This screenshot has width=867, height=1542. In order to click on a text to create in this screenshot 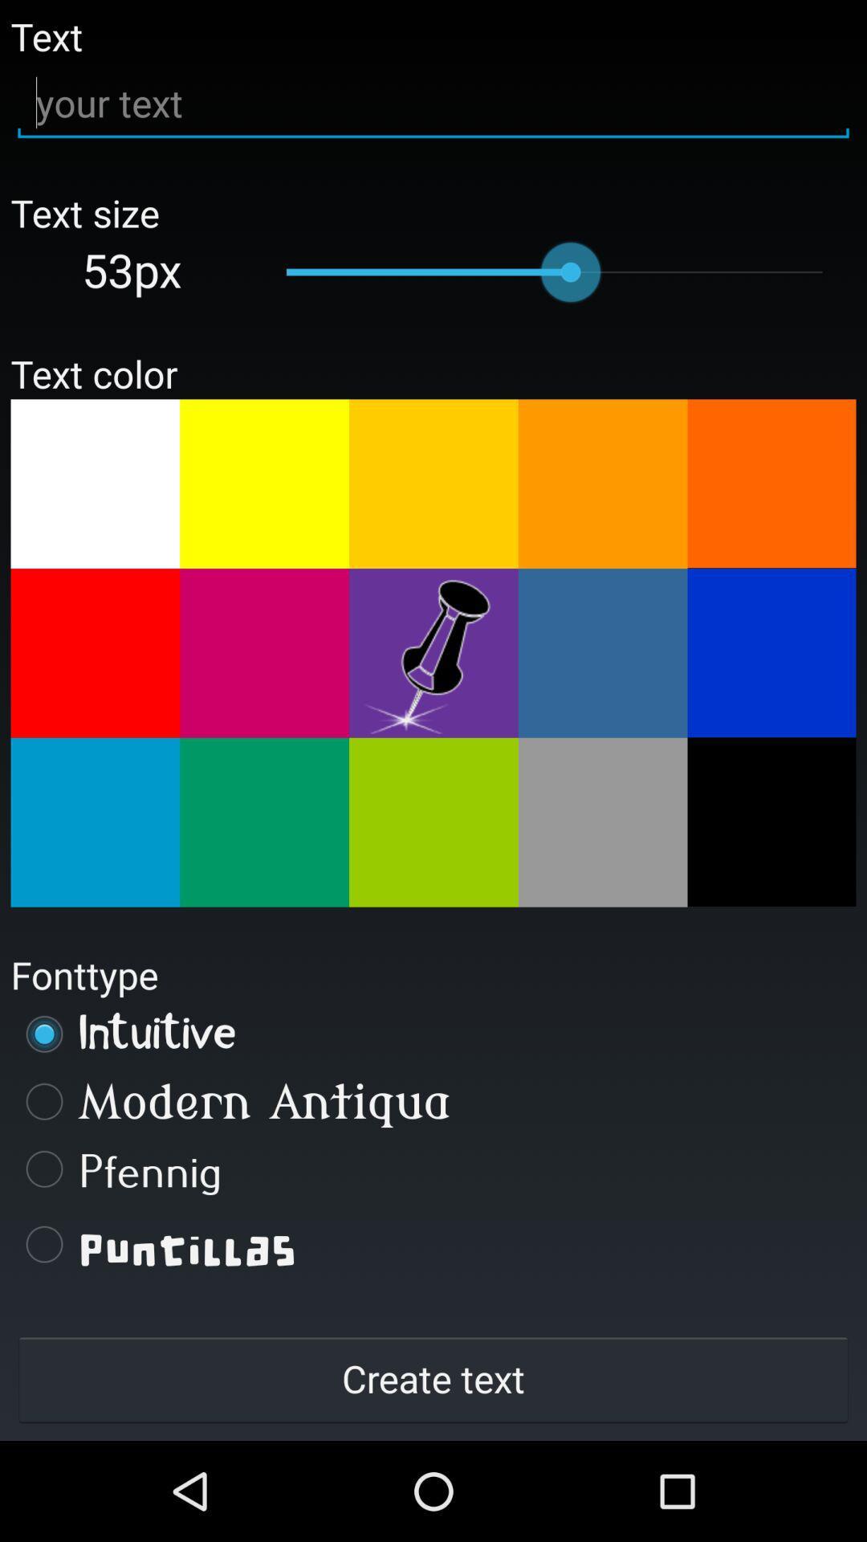, I will do `click(433, 103)`.